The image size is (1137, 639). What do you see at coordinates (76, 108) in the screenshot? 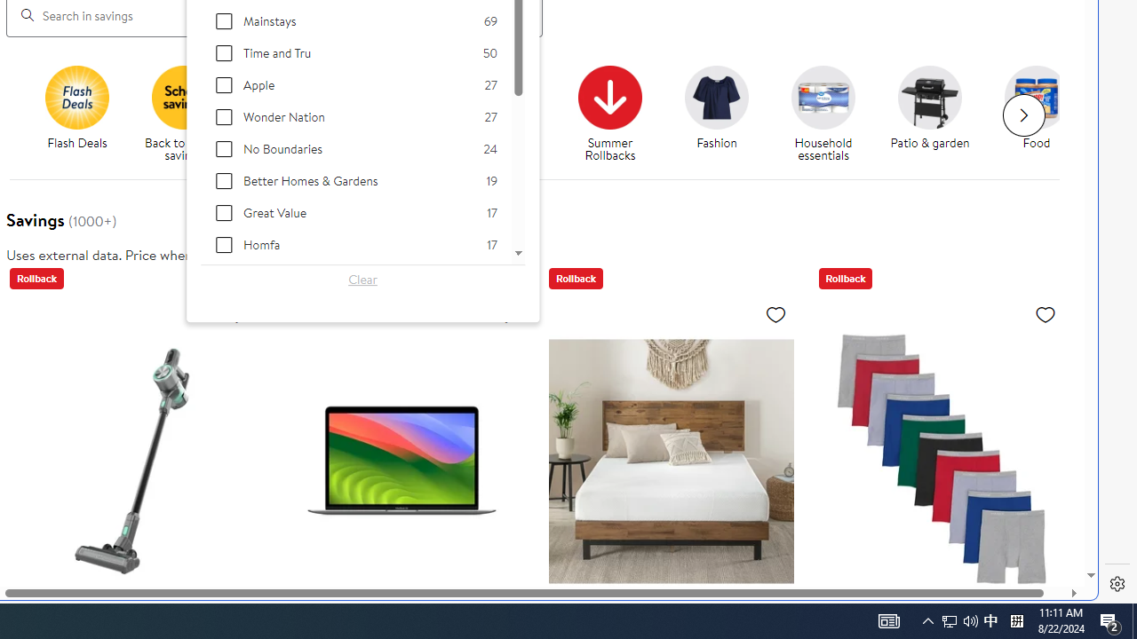
I see `'Flash deals Flash Deals'` at bounding box center [76, 108].